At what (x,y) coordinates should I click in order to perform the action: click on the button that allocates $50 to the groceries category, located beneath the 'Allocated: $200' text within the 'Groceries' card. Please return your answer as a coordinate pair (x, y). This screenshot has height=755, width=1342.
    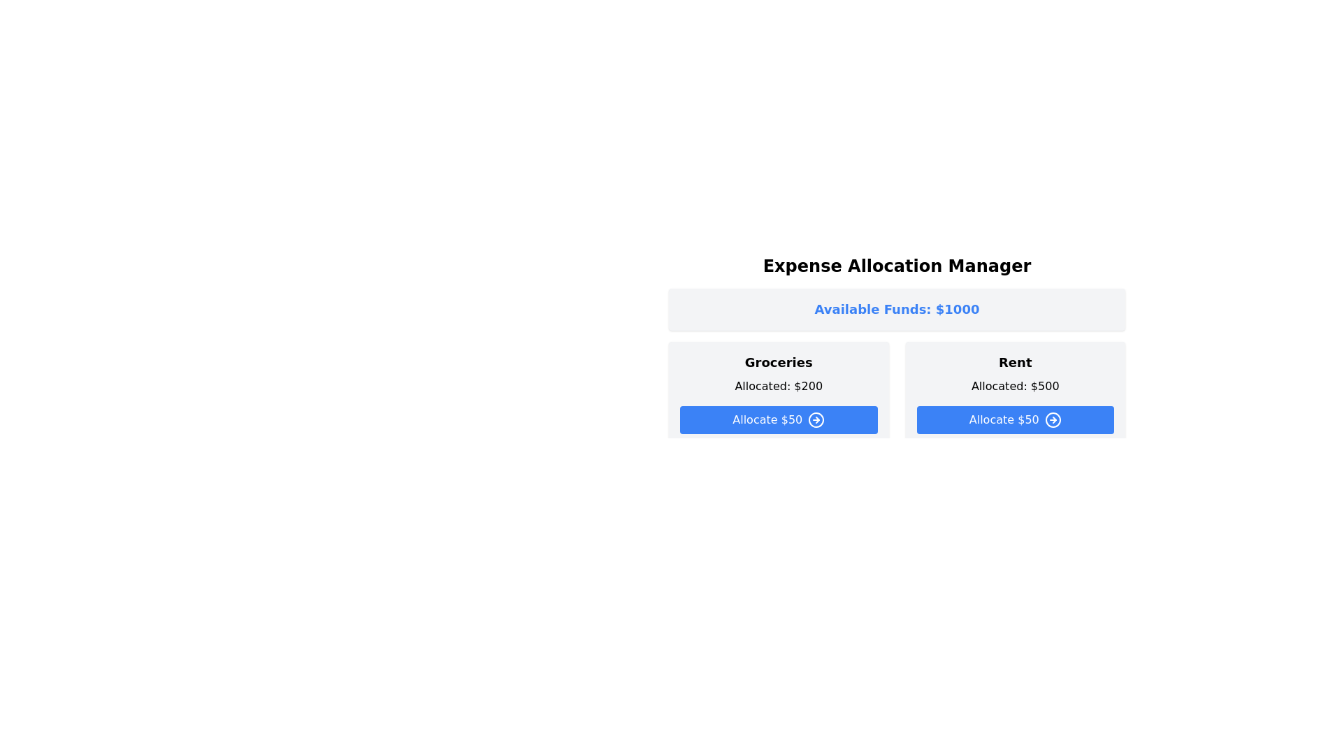
    Looking at the image, I should click on (778, 419).